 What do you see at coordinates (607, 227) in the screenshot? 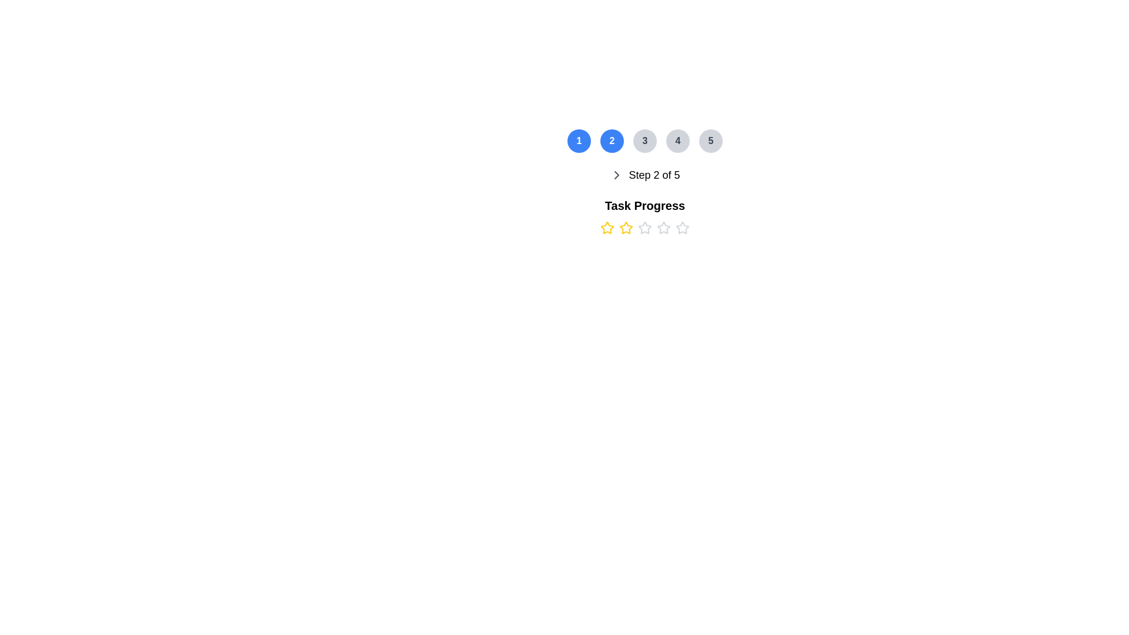
I see `the first star icon in the rating component located below 'Task Progress'` at bounding box center [607, 227].